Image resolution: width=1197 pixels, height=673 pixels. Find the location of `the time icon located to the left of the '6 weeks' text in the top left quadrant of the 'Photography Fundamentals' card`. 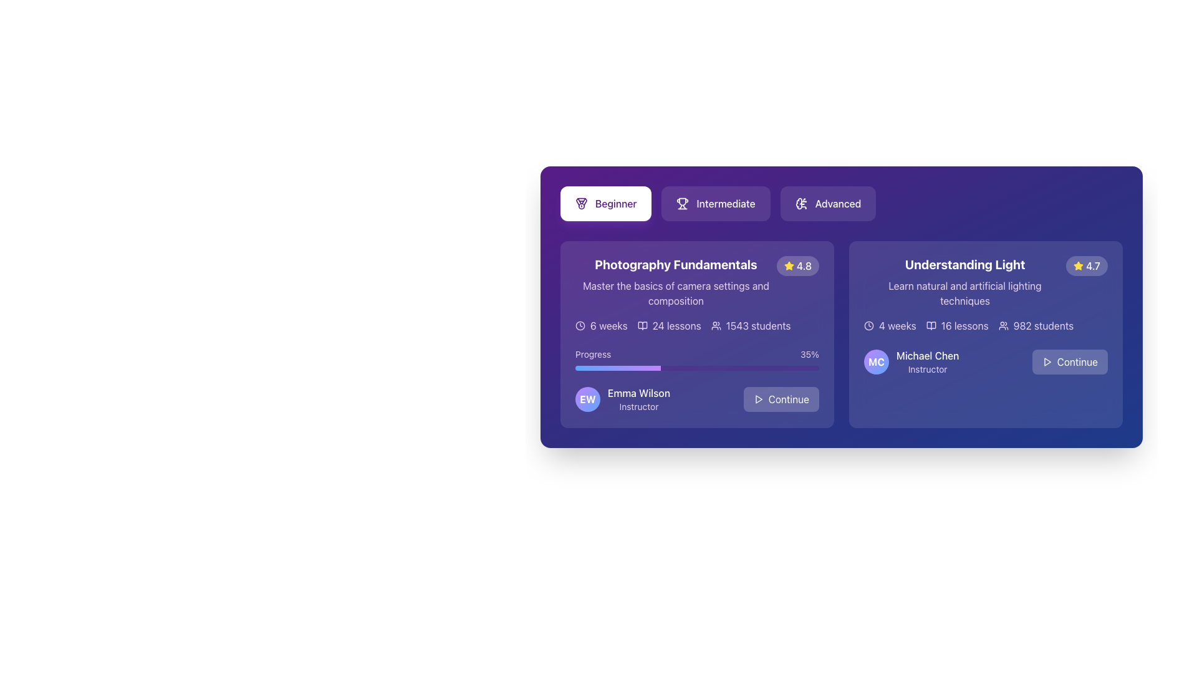

the time icon located to the left of the '6 weeks' text in the top left quadrant of the 'Photography Fundamentals' card is located at coordinates (580, 325).